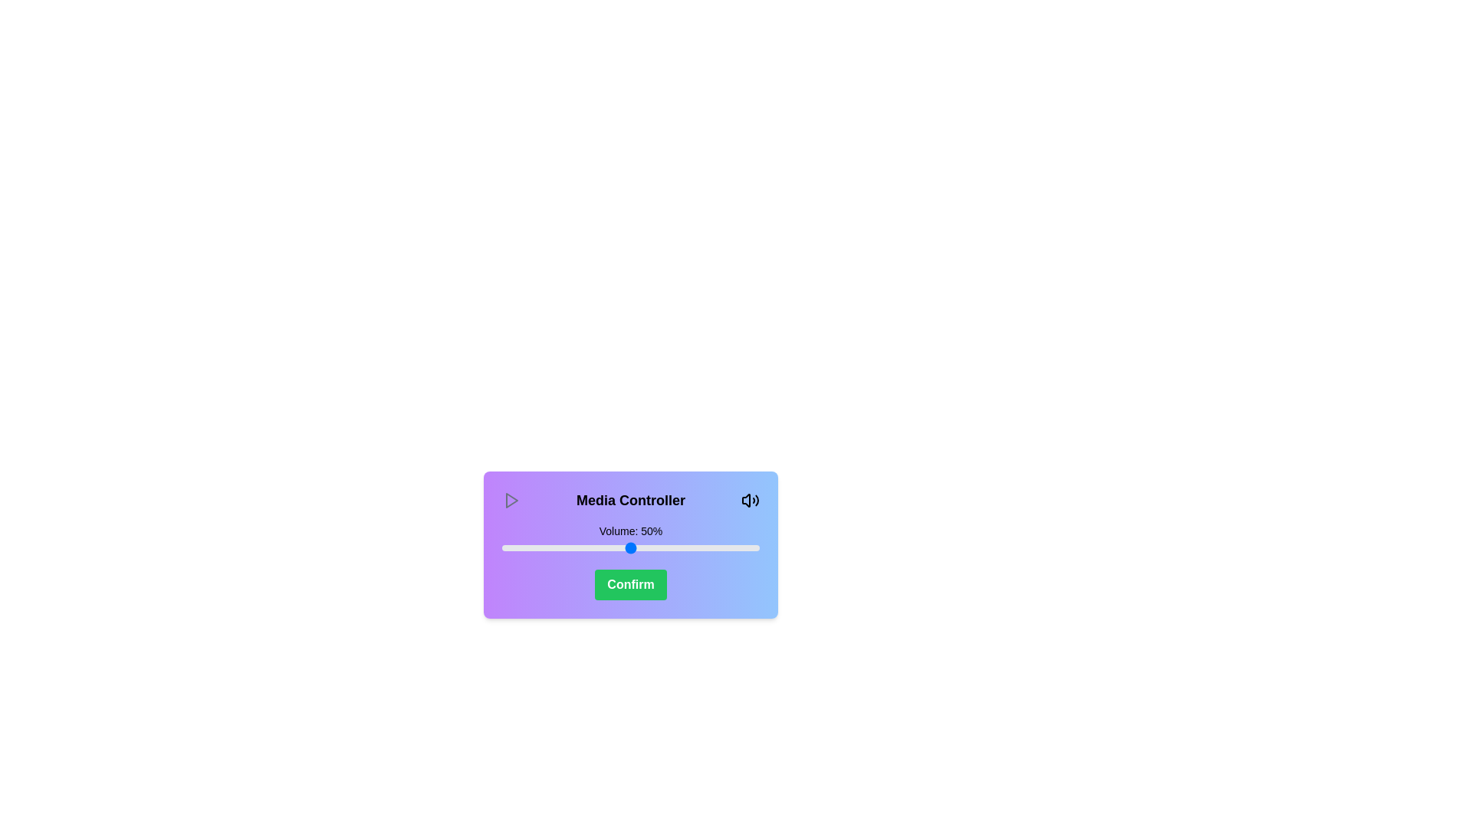 The height and width of the screenshot is (828, 1472). I want to click on the volume slider to 19%, so click(550, 547).